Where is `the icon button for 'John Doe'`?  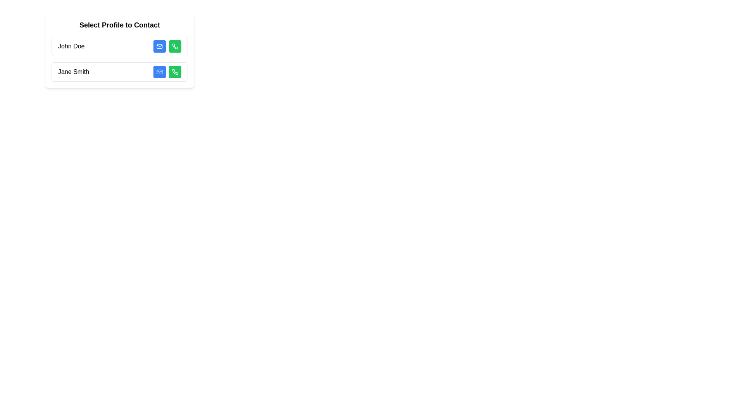
the icon button for 'John Doe' is located at coordinates (174, 72).